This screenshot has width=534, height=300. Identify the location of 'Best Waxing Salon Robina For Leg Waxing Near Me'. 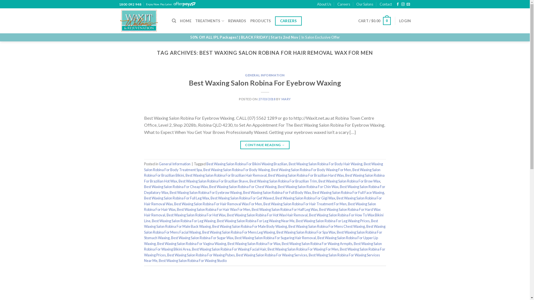
(216, 220).